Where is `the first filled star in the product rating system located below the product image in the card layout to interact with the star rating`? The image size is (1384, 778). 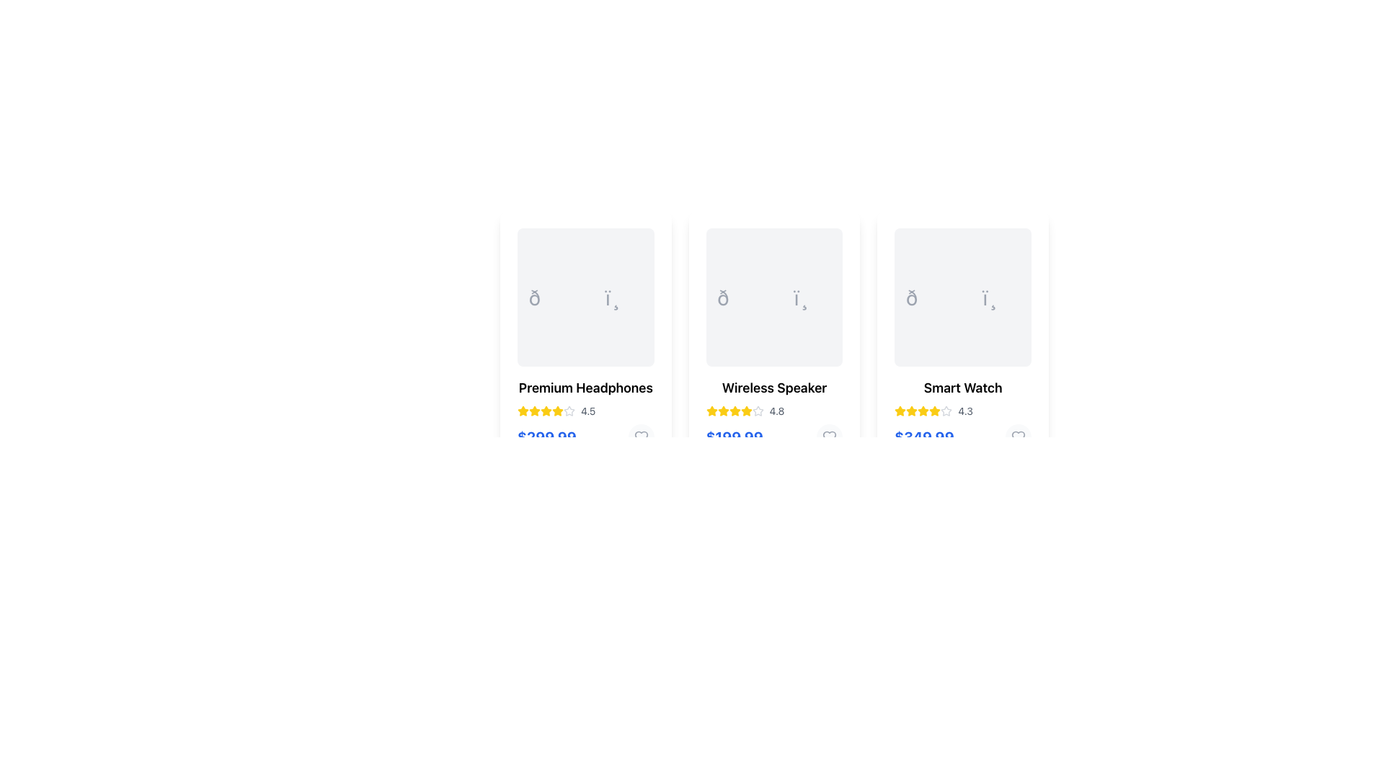 the first filled star in the product rating system located below the product image in the card layout to interact with the star rating is located at coordinates (723, 411).